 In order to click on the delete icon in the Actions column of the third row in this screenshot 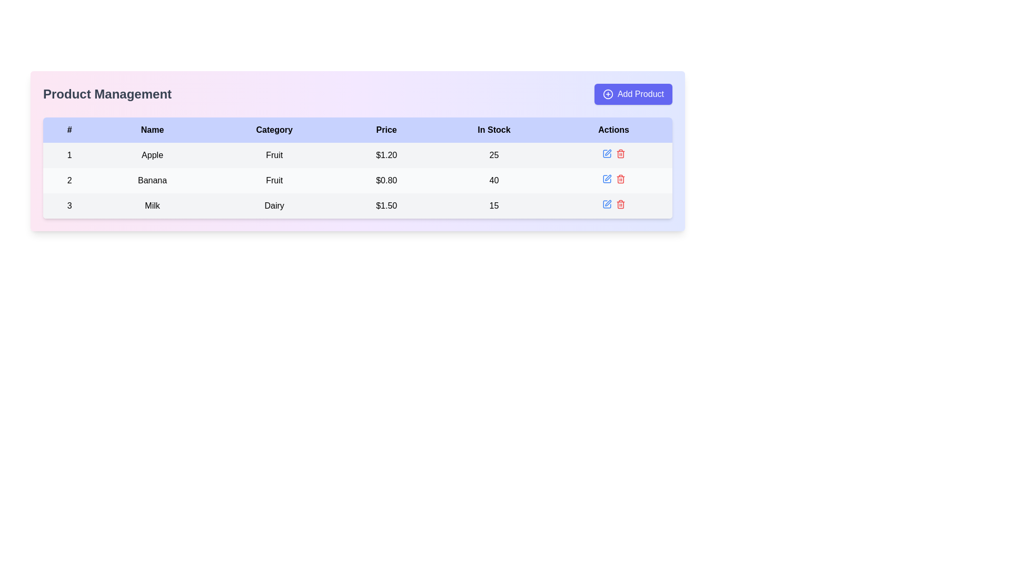, I will do `click(613, 204)`.